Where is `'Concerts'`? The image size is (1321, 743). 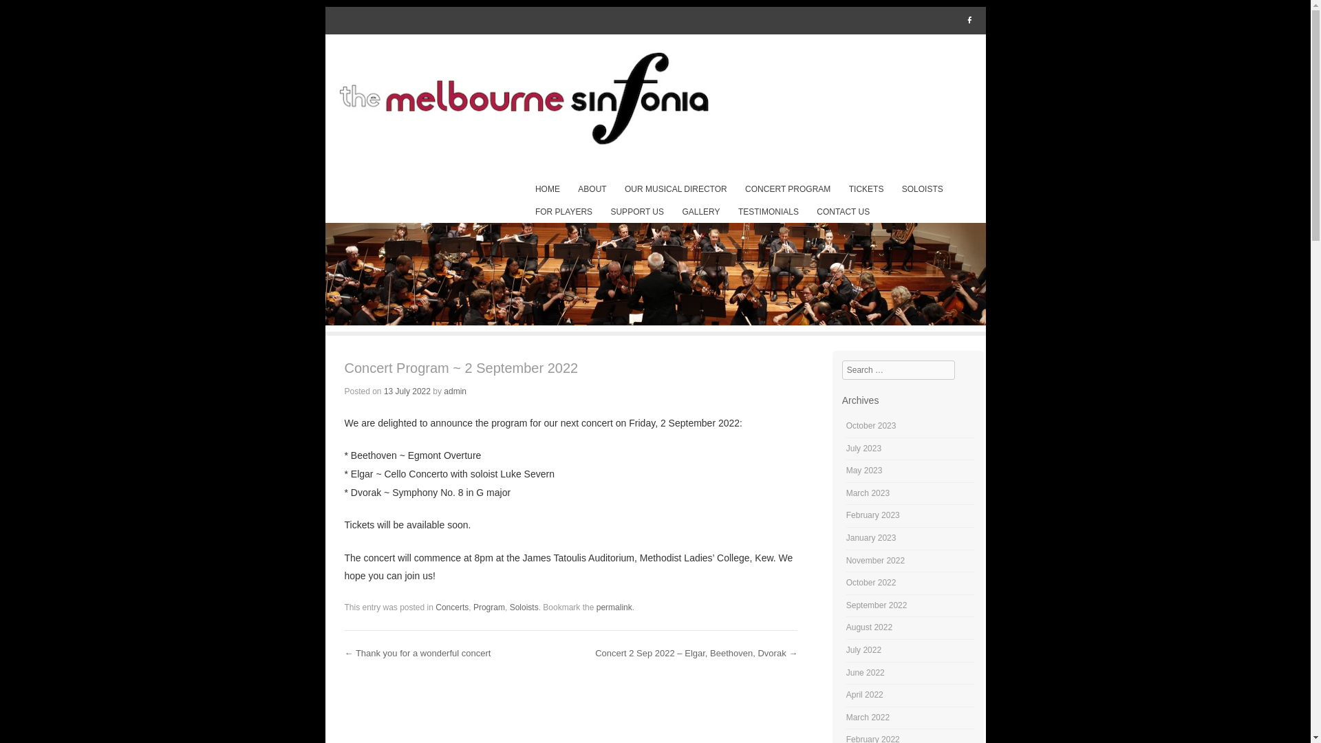 'Concerts' is located at coordinates (435, 607).